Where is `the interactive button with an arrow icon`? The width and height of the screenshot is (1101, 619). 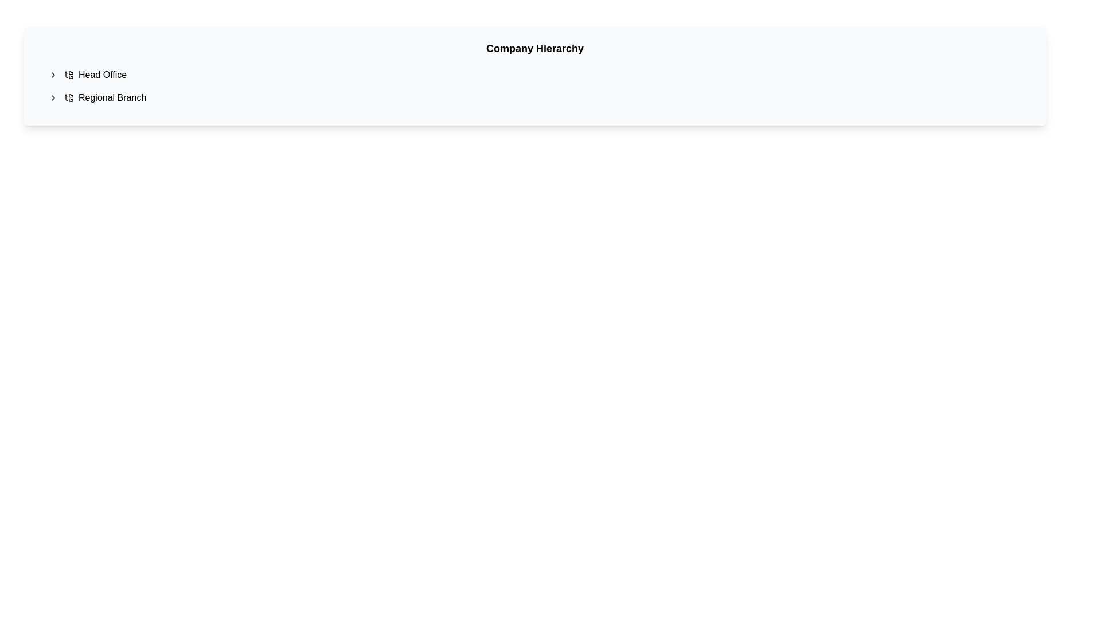 the interactive button with an arrow icon is located at coordinates (52, 75).